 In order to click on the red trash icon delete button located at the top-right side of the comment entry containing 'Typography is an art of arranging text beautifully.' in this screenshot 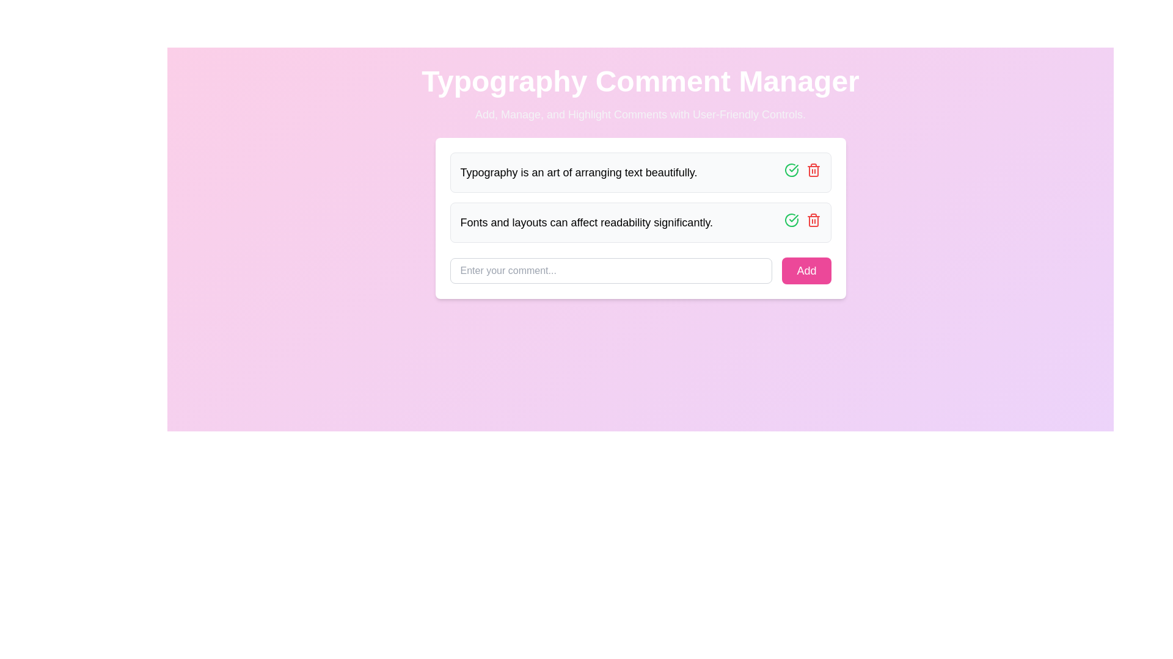, I will do `click(813, 170)`.